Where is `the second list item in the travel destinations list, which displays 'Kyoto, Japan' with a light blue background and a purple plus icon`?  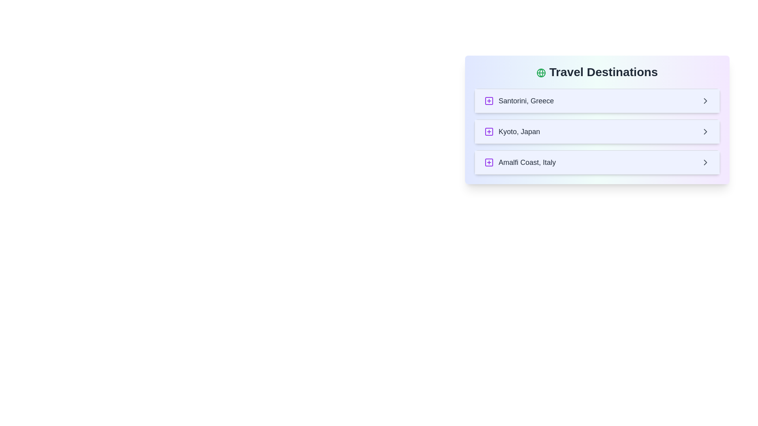
the second list item in the travel destinations list, which displays 'Kyoto, Japan' with a light blue background and a purple plus icon is located at coordinates (512, 131).